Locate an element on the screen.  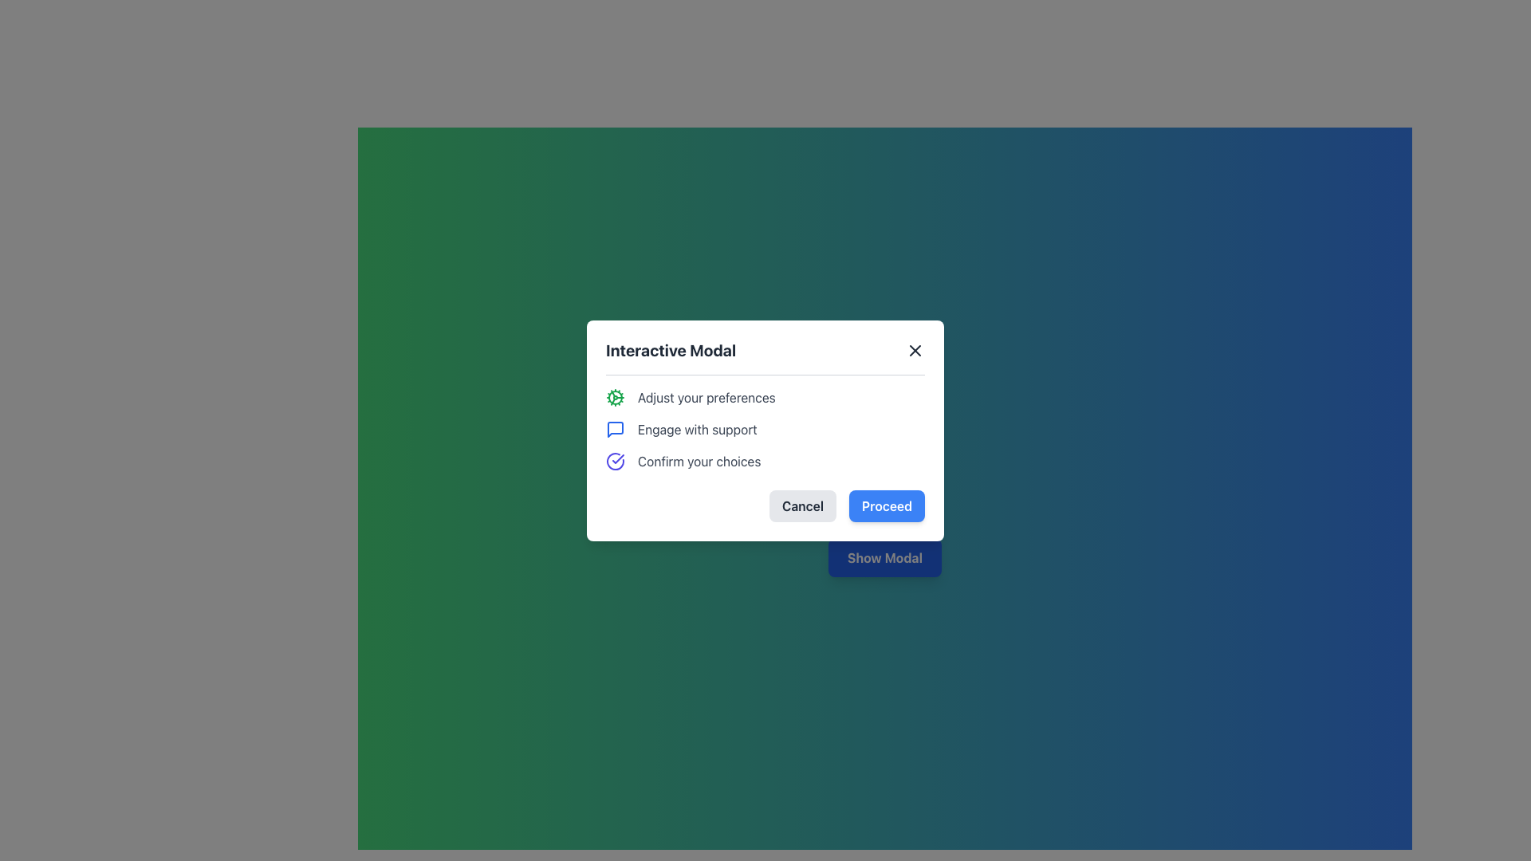
the third Text label in the vertical sequence of options inside the white modal dialog box, positioned below 'Engage with support' and above 'Cancel' and 'Proceed' buttons is located at coordinates (699, 461).